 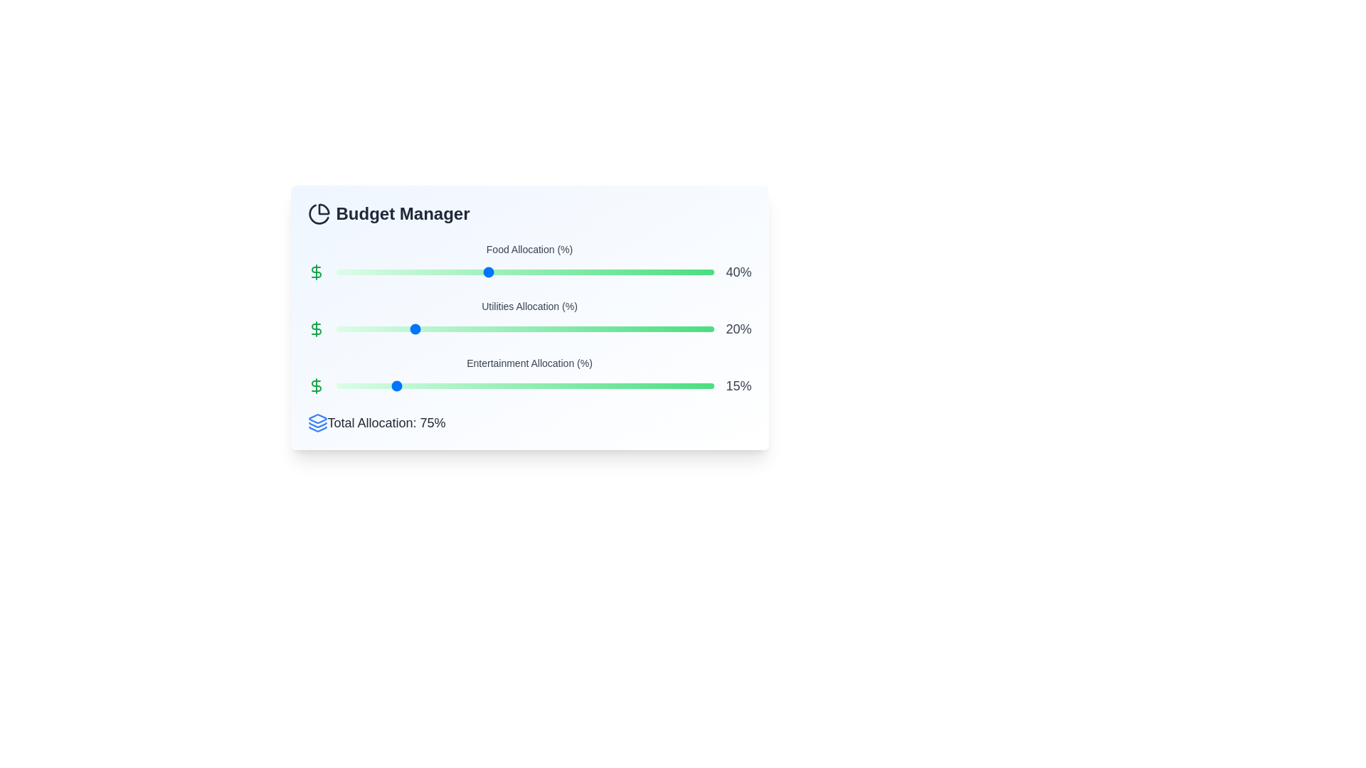 What do you see at coordinates (339, 272) in the screenshot?
I see `the Food Allocation slider to 1%` at bounding box center [339, 272].